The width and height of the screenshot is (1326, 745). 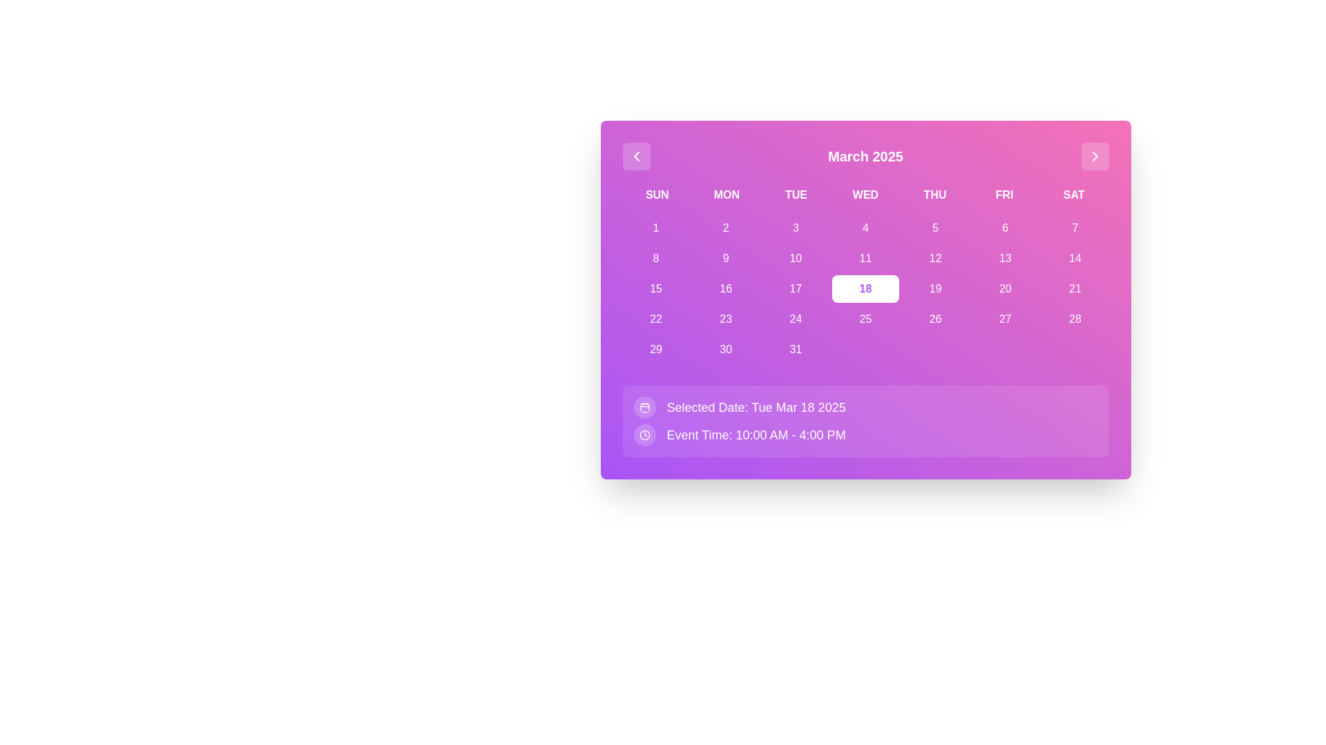 What do you see at coordinates (865, 156) in the screenshot?
I see `text displaying the current month and year in the header of the calendar interface, located centrally between the navigation buttons` at bounding box center [865, 156].